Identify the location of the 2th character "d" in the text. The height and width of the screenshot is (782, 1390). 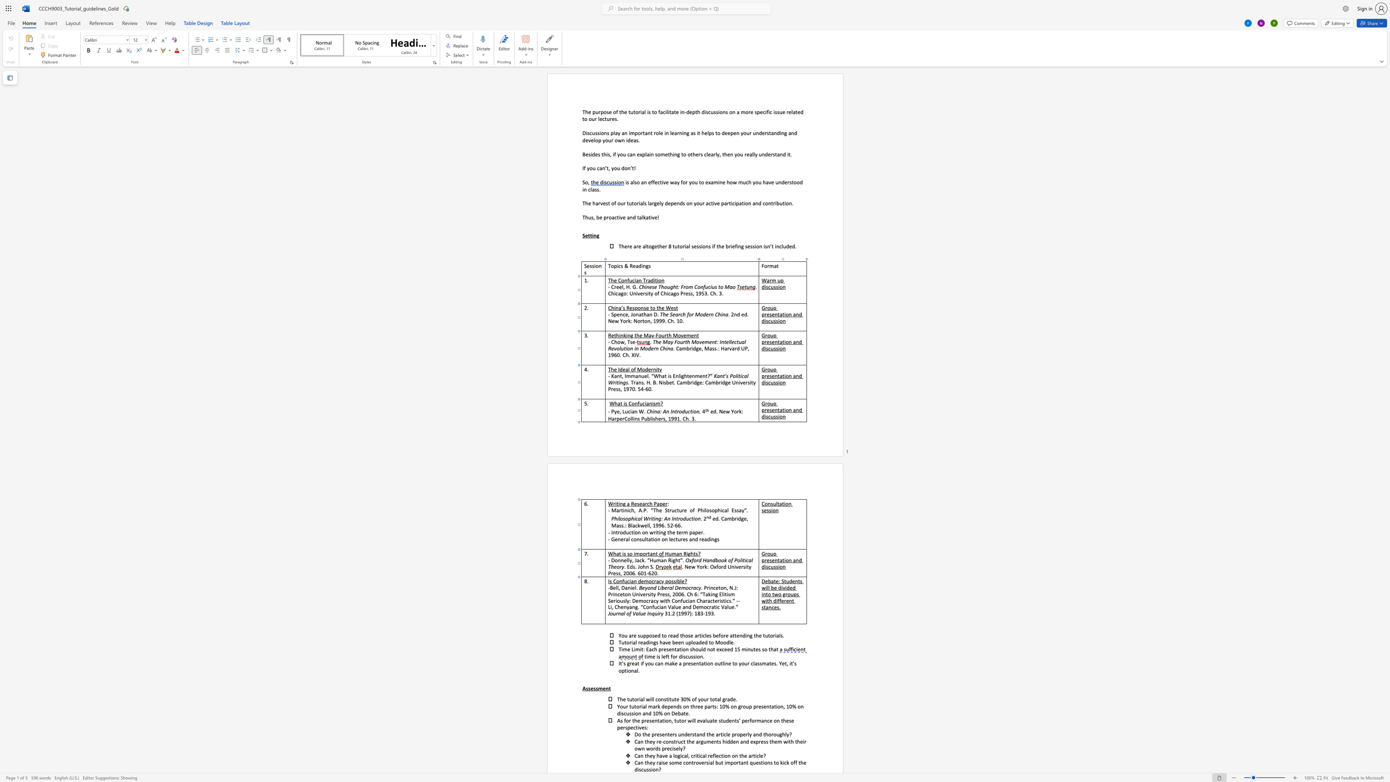
(762, 566).